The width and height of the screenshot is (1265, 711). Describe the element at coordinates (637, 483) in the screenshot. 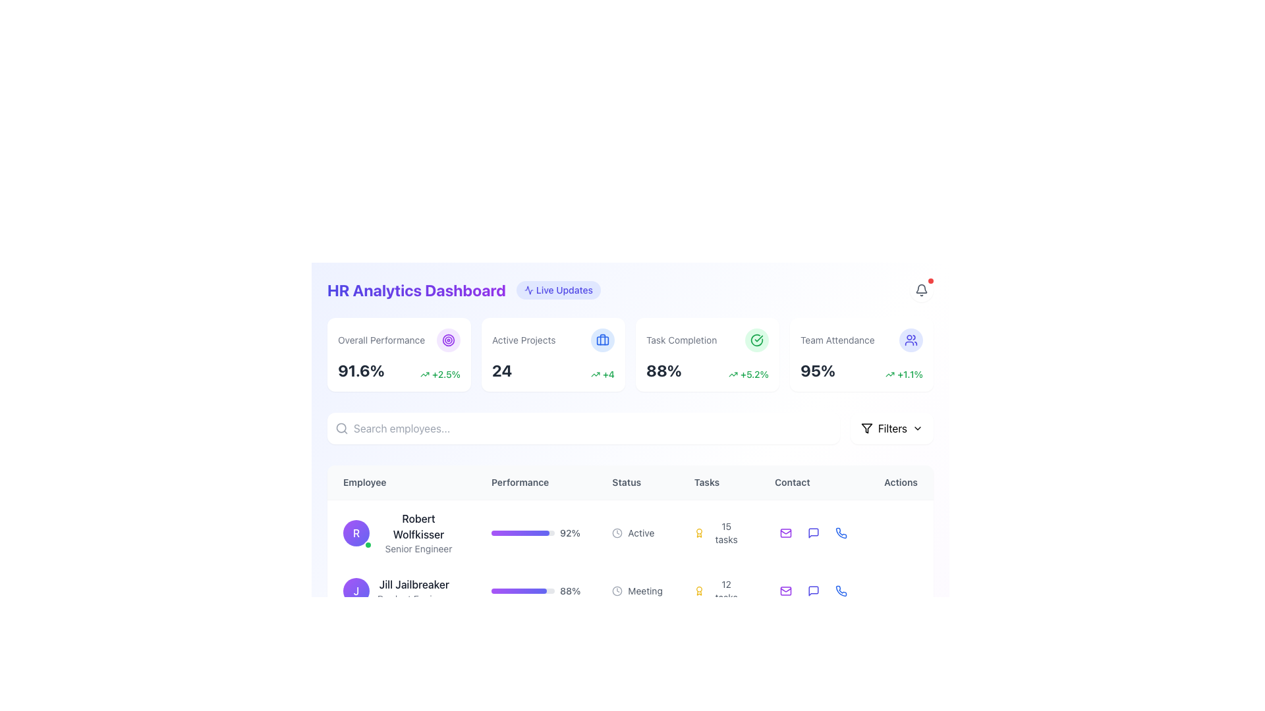

I see `the 'Status' label in the header row of the data table layout, which is centrally positioned among the columns` at that location.